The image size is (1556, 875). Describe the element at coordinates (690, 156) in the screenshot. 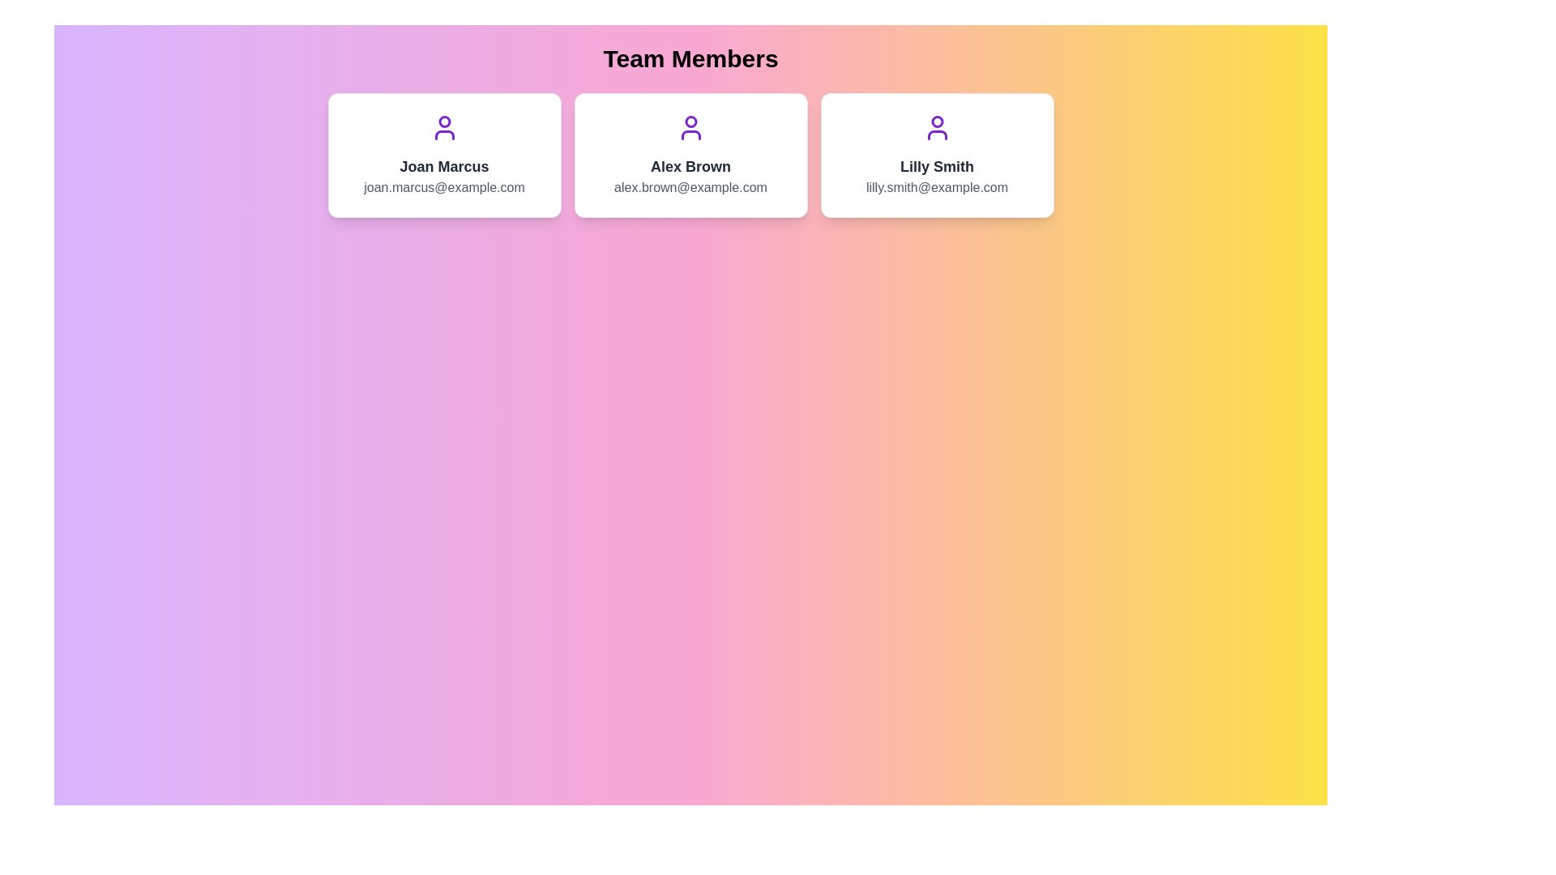

I see `the contact information card located in the second column of the grid layout below the 'Team Members' title` at that location.